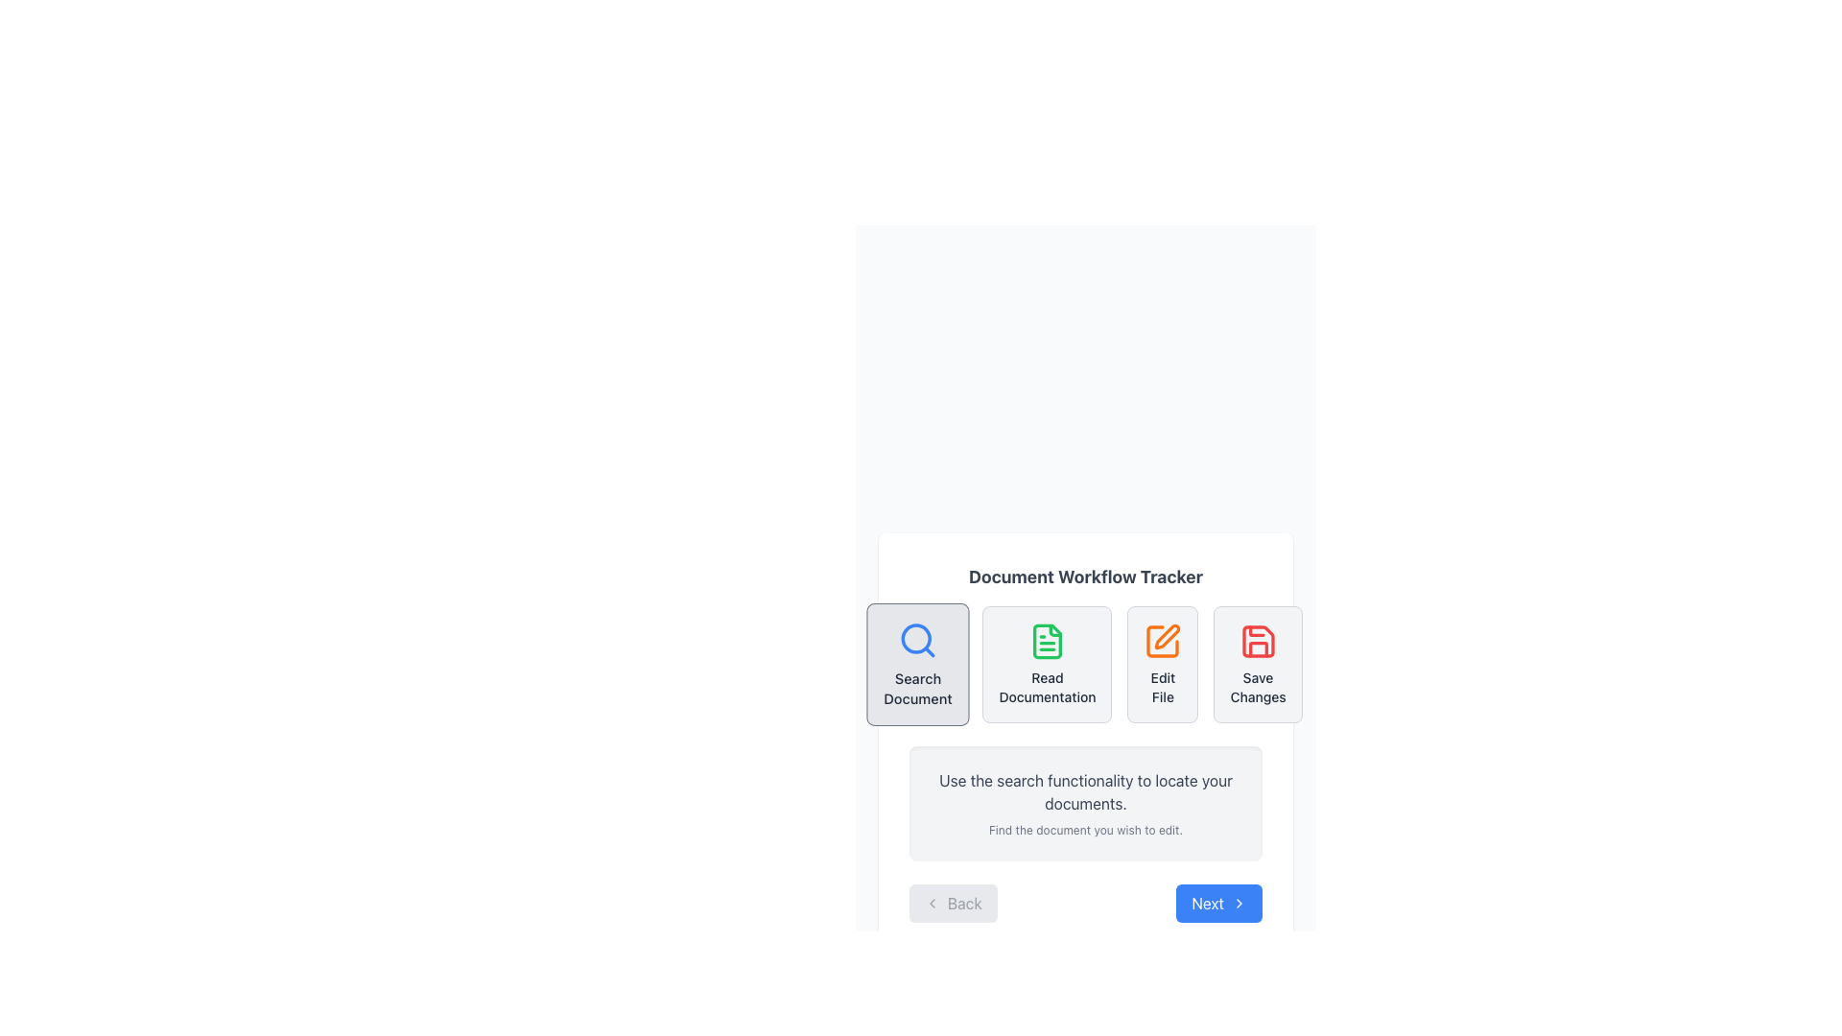 The image size is (1842, 1036). Describe the element at coordinates (1046, 664) in the screenshot. I see `the documentation button located in the top-center portion of the interface, which is the second button in a row of four, following the 'Search Document' button` at that location.